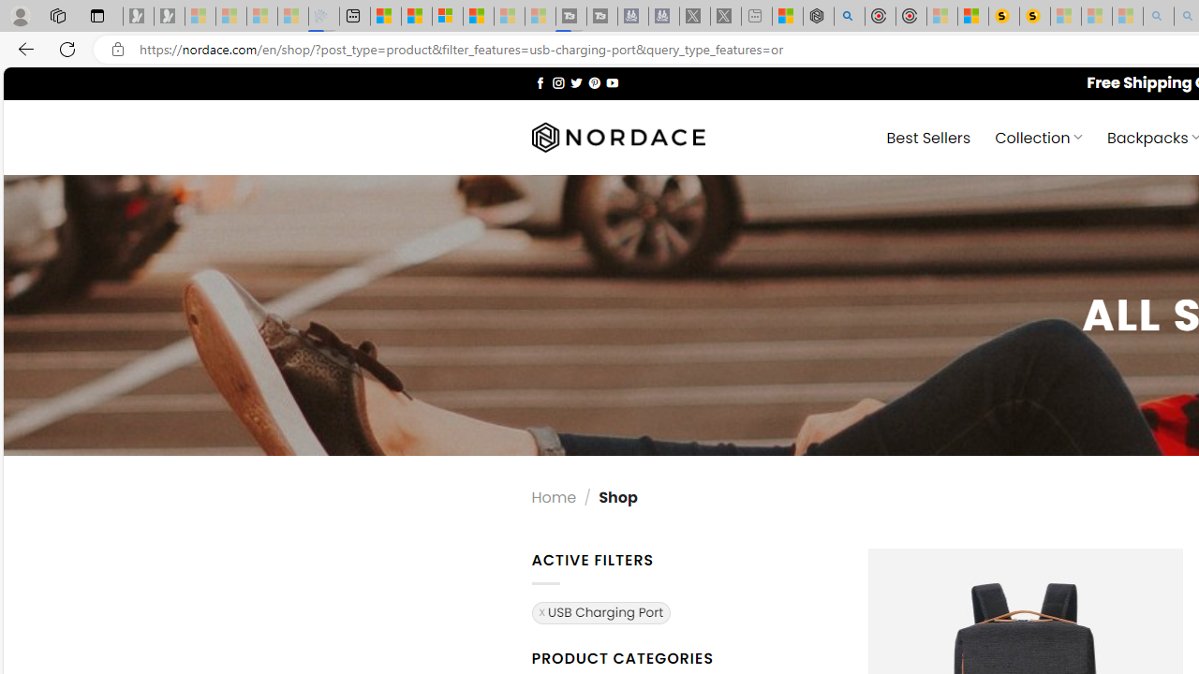  What do you see at coordinates (553, 496) in the screenshot?
I see `'Home'` at bounding box center [553, 496].